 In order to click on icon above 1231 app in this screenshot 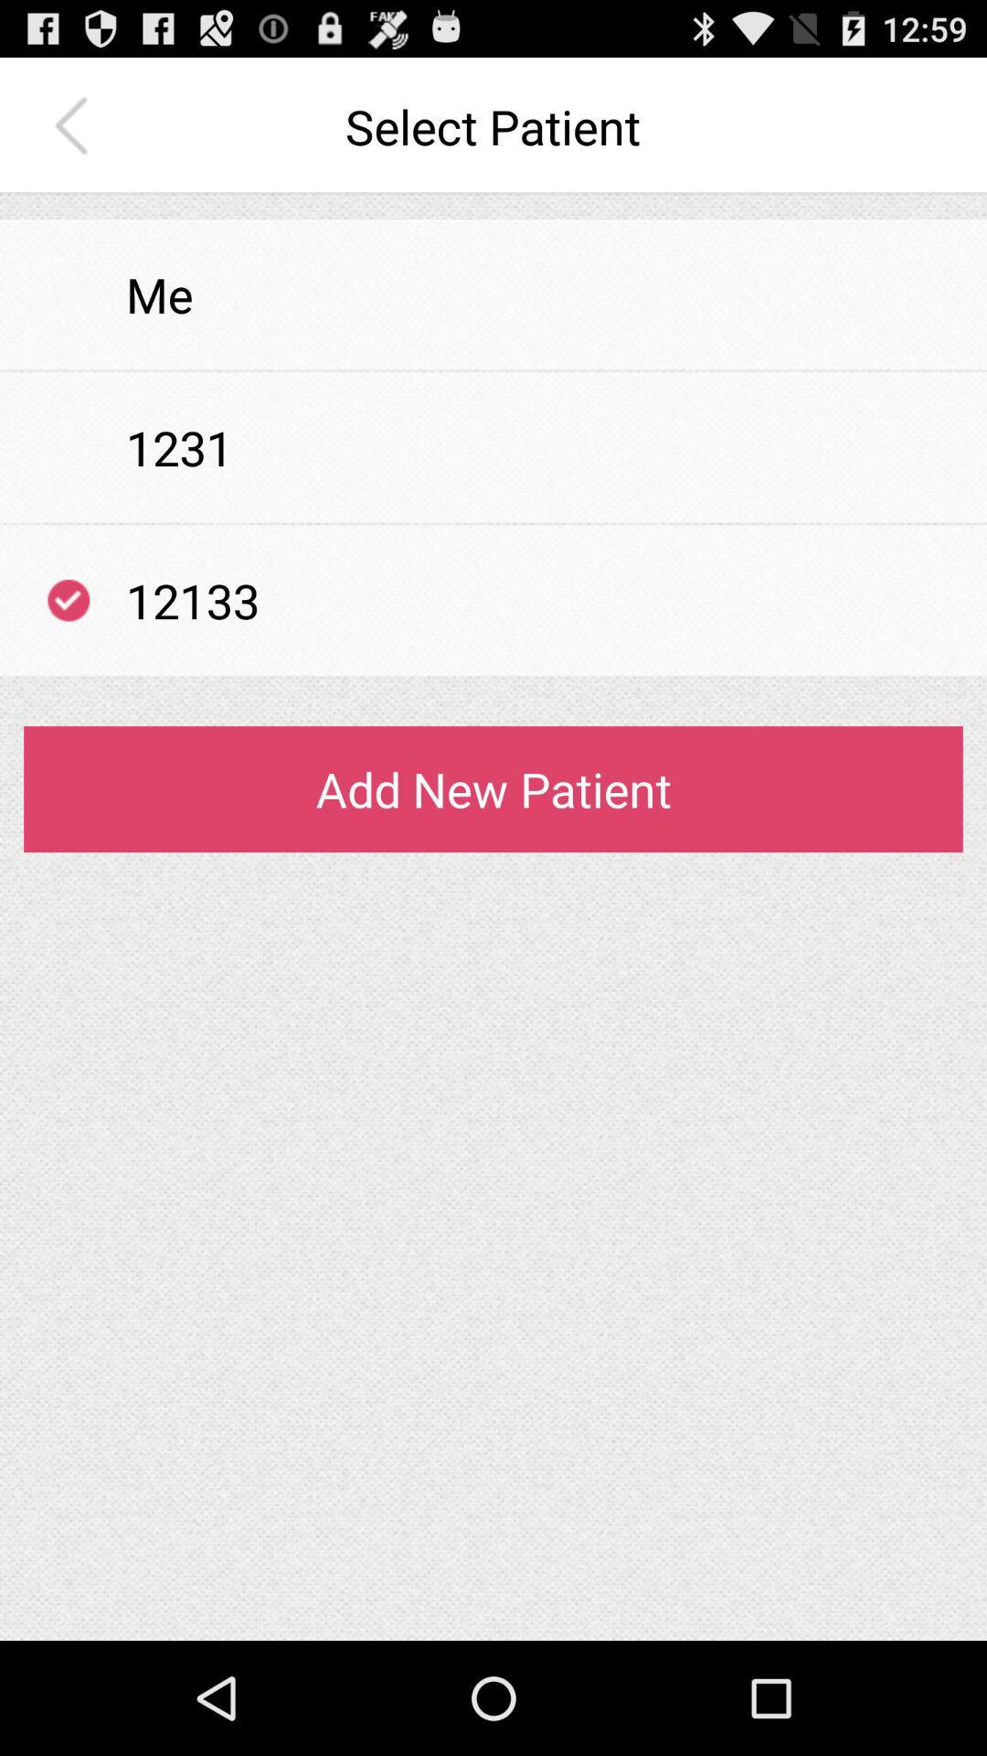, I will do `click(493, 369)`.